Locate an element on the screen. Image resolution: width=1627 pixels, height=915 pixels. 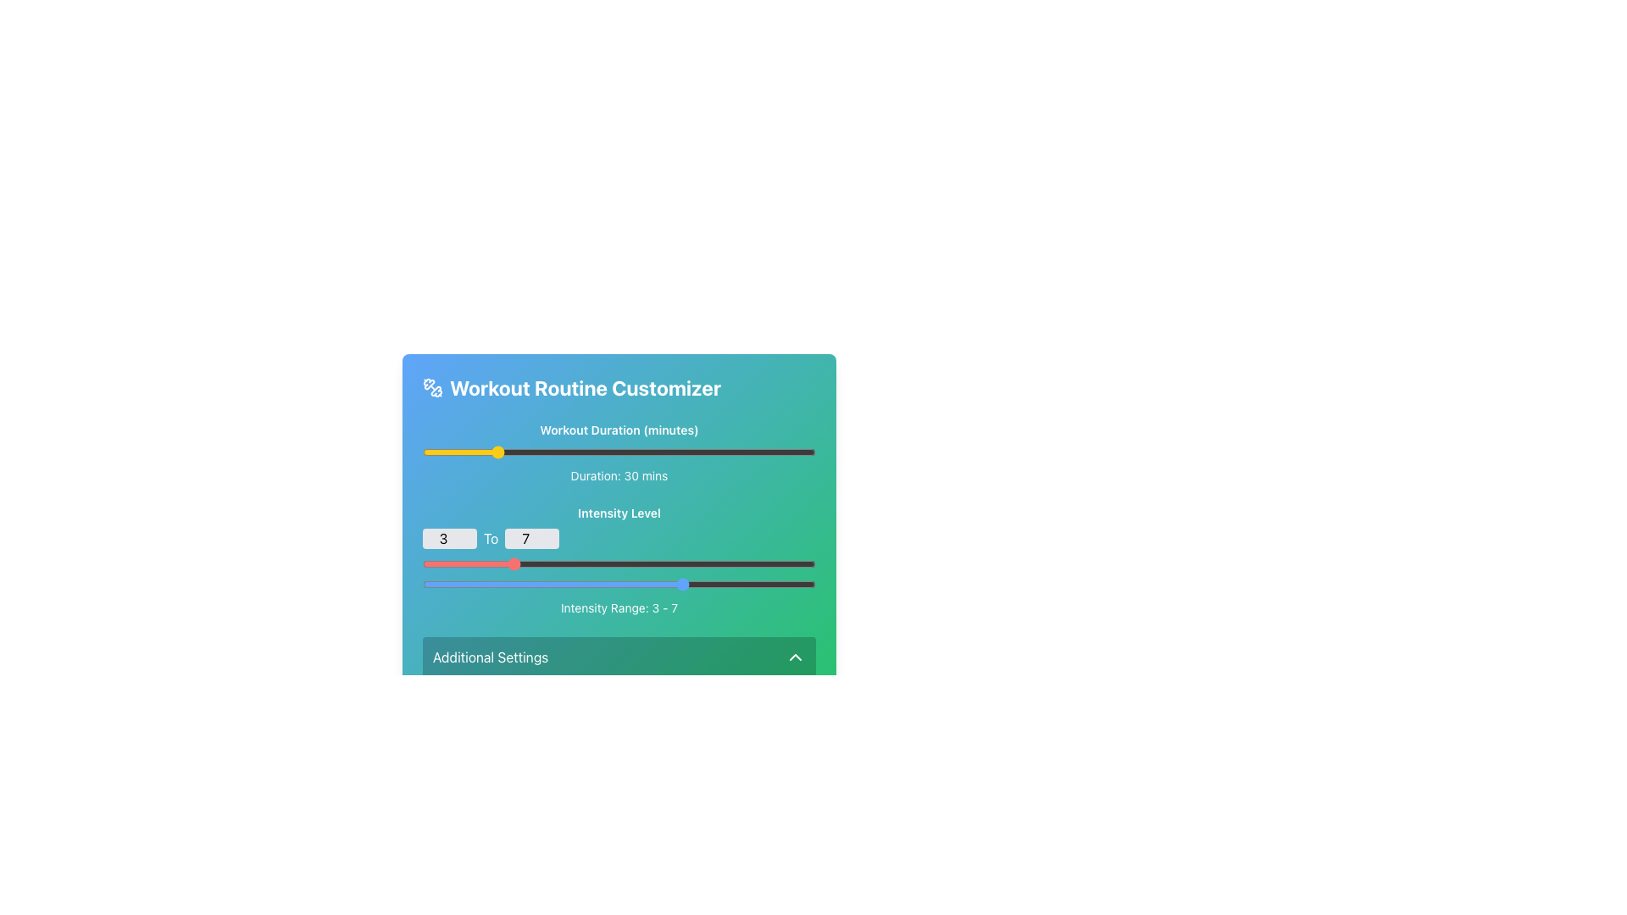
workout duration is located at coordinates (469, 451).